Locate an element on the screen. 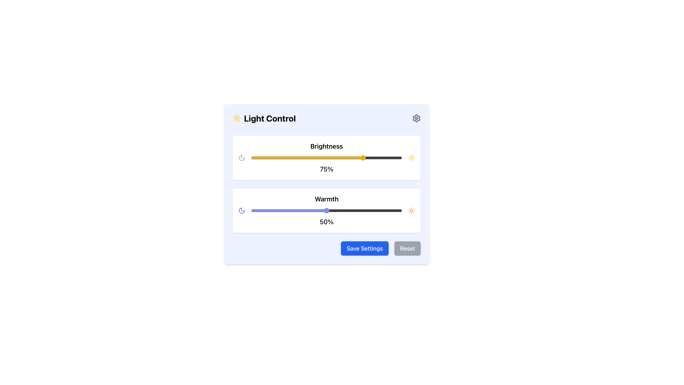  brightness is located at coordinates (380, 158).